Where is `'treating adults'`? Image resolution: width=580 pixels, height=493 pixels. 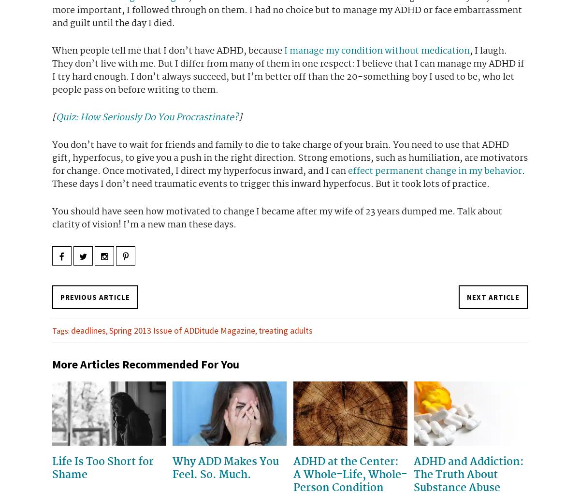 'treating adults' is located at coordinates (285, 330).